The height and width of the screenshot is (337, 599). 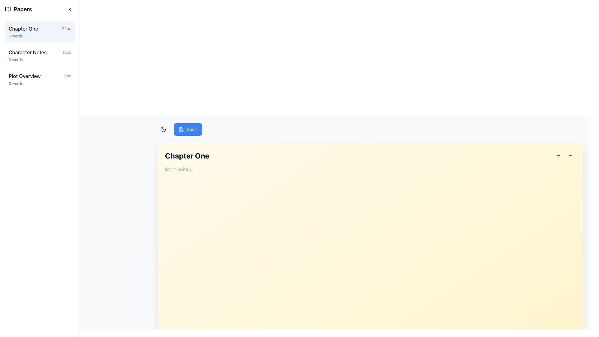 I want to click on the graphical icon located in the top-left region of the interface, next to the text 'Papers', which serves as a symbolic representation of the application's main feature, so click(x=8, y=9).